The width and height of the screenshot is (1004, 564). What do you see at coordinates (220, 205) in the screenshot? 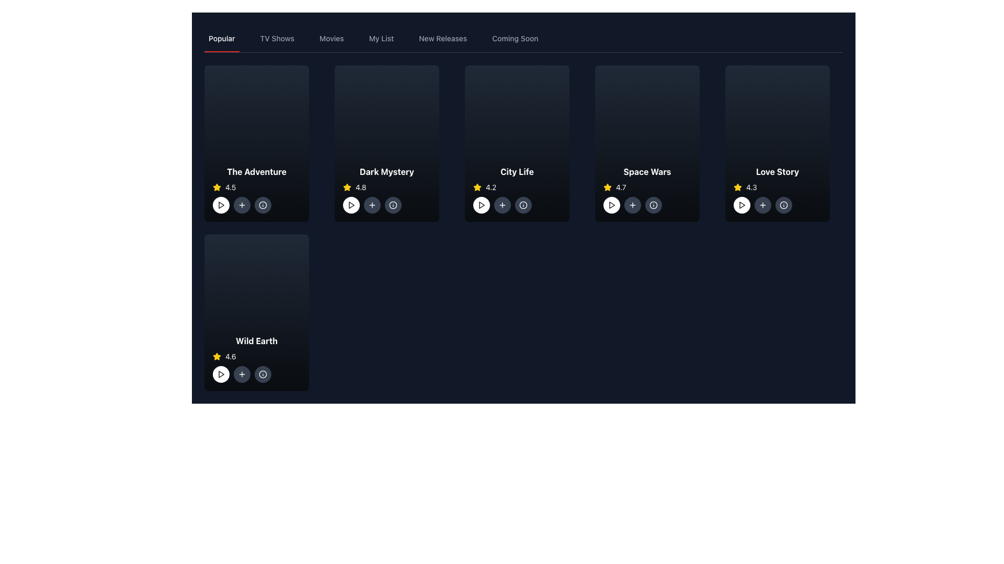
I see `the play icon located in the bottom-left area of 'The Adventure' card in the 'Popular' section` at bounding box center [220, 205].